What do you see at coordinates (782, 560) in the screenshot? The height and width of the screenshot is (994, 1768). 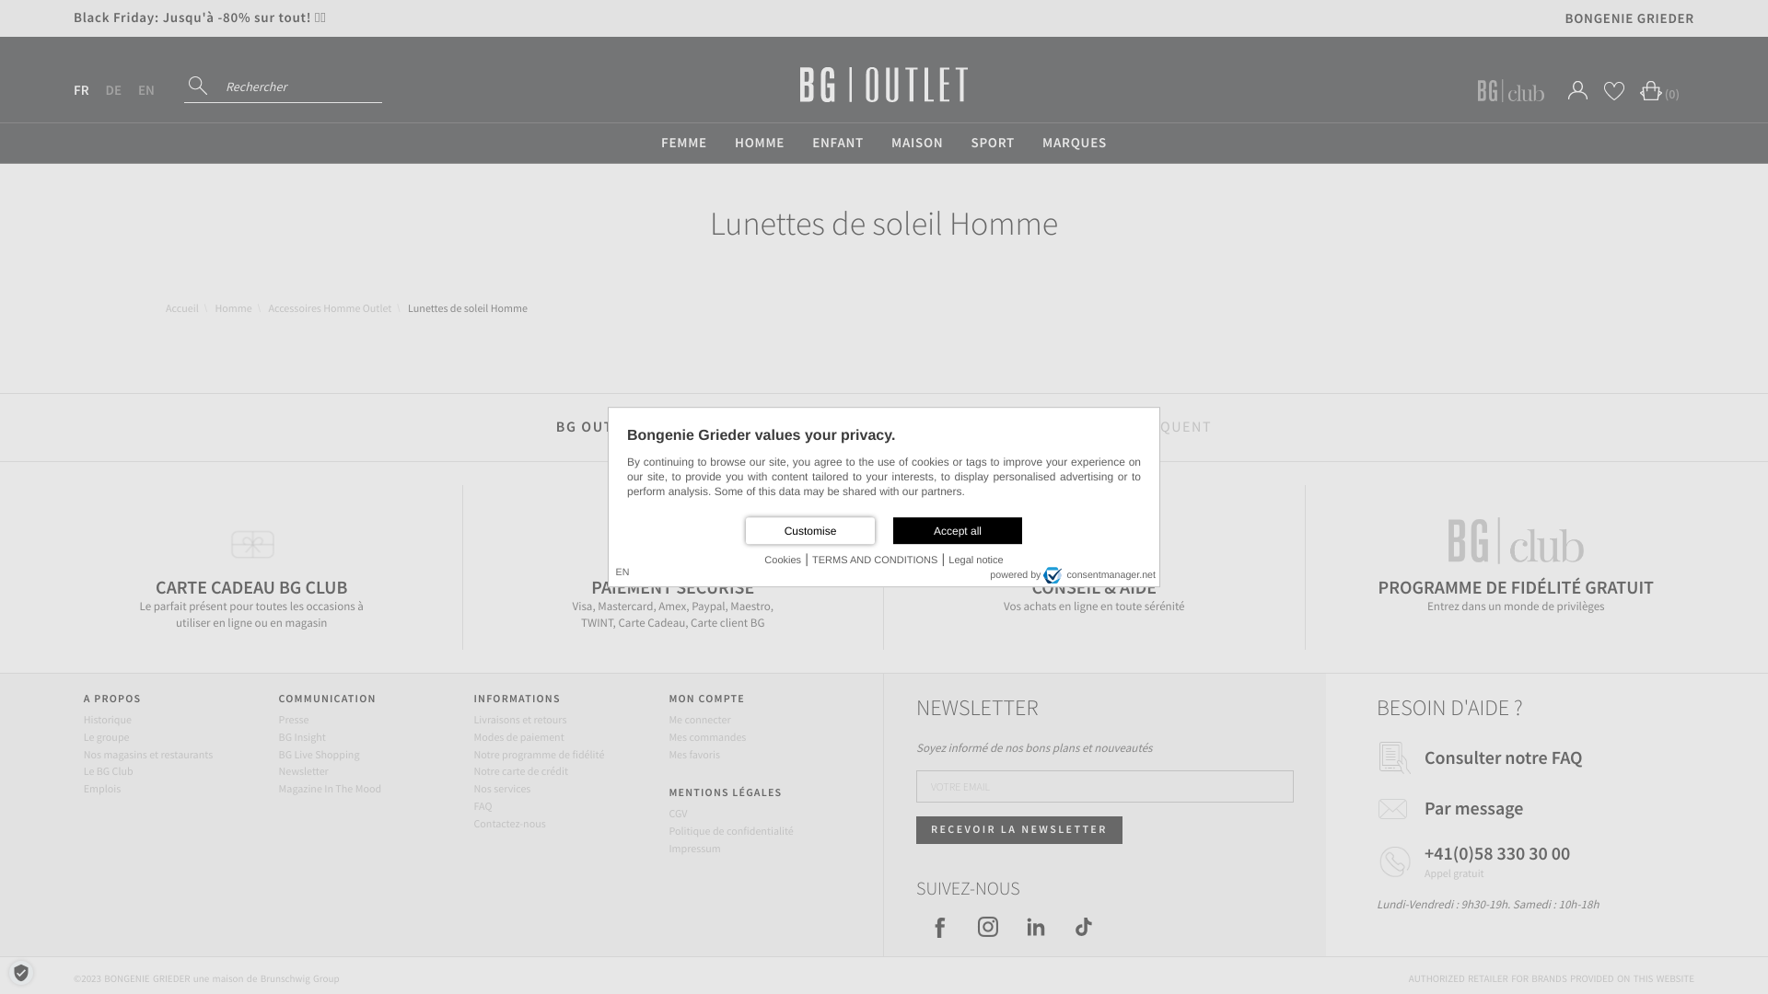 I see `'Cookies'` at bounding box center [782, 560].